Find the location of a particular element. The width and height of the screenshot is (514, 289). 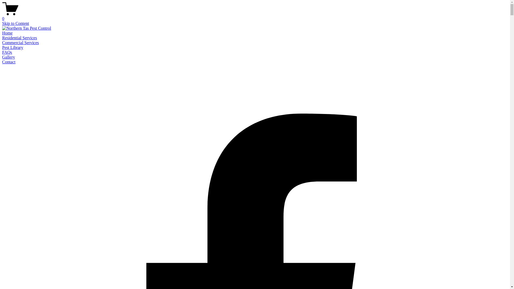

'Pest Library' is located at coordinates (13, 47).